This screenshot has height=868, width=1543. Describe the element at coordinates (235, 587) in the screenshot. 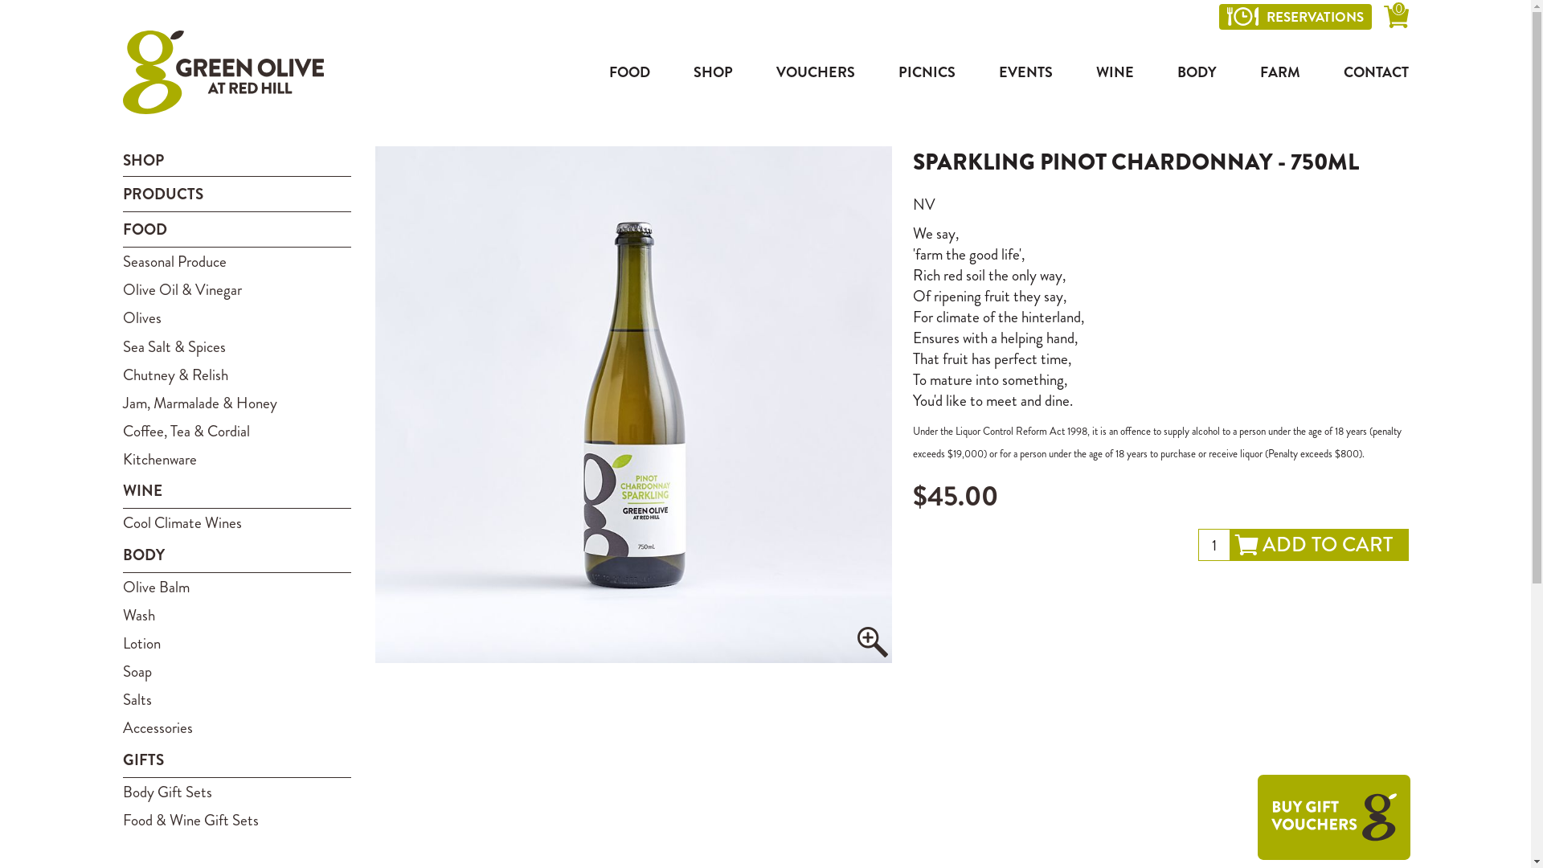

I see `'Olive Balm'` at that location.